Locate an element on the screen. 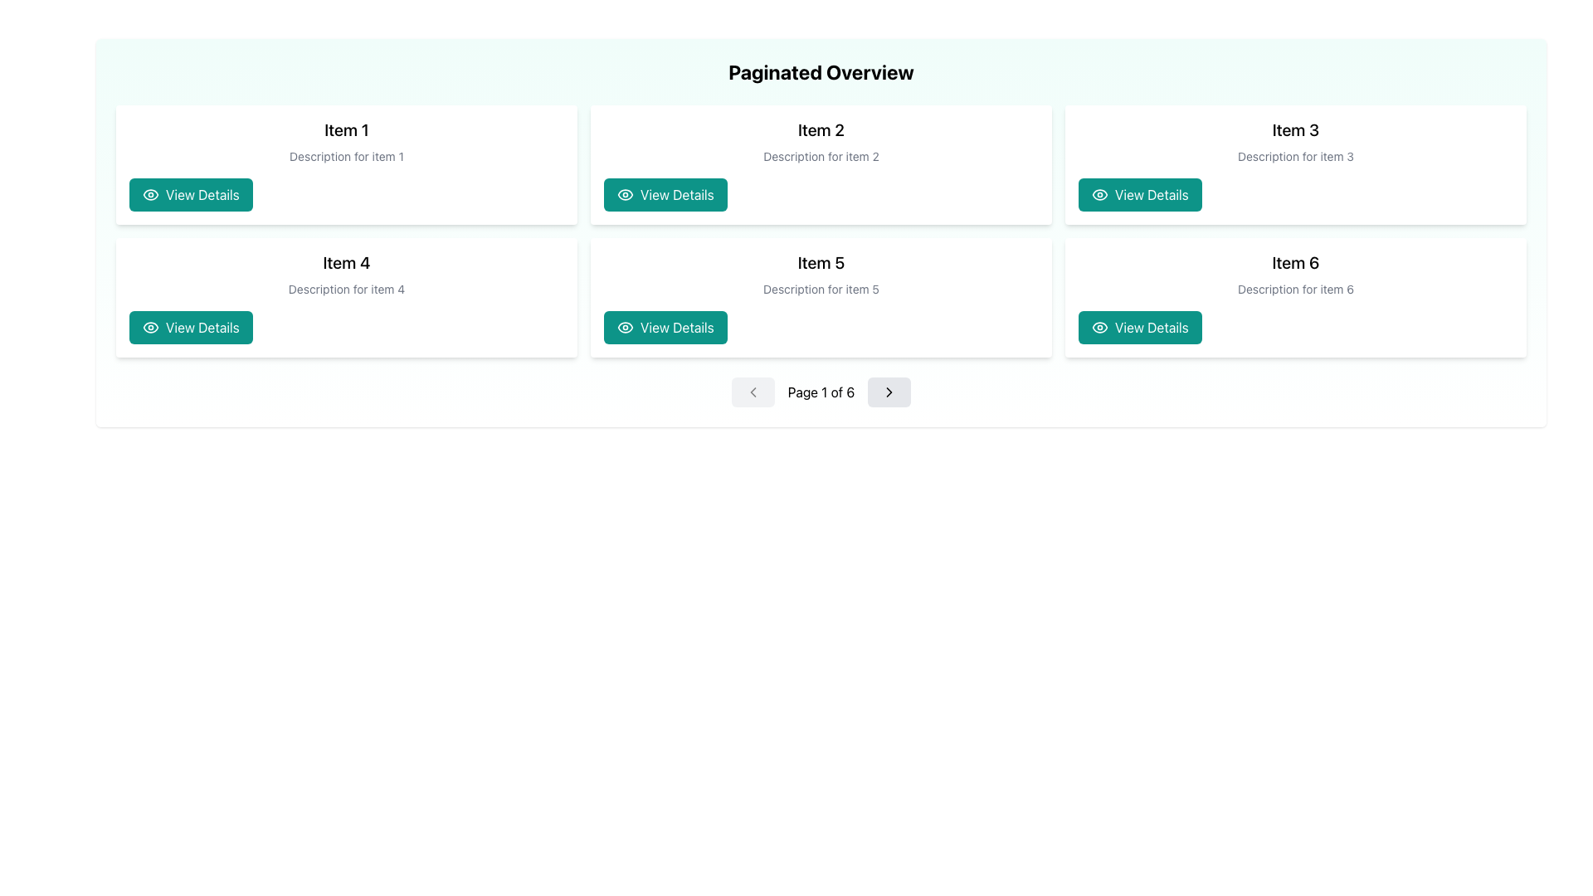 The width and height of the screenshot is (1593, 896). the 'View Details' text label styled as a button with white text on a teal background, located under the heading 'Item 4' in the leftmost column of the grid layout is located at coordinates (202, 327).